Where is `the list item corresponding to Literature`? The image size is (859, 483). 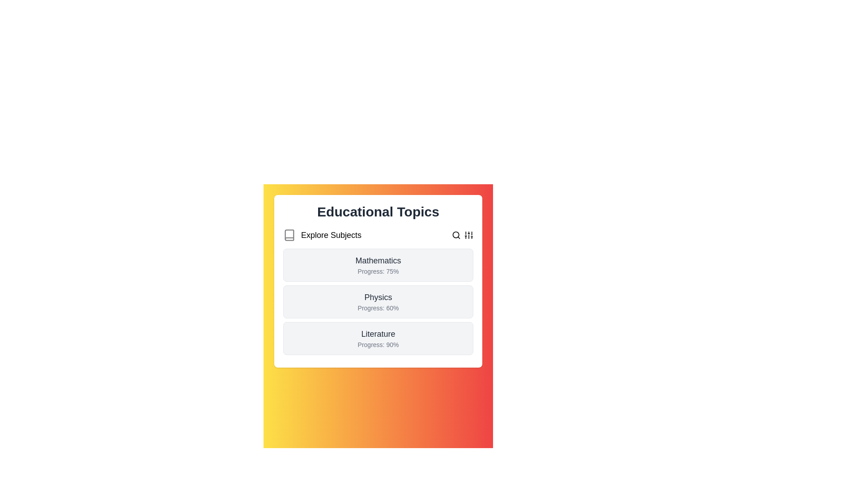 the list item corresponding to Literature is located at coordinates (378, 338).